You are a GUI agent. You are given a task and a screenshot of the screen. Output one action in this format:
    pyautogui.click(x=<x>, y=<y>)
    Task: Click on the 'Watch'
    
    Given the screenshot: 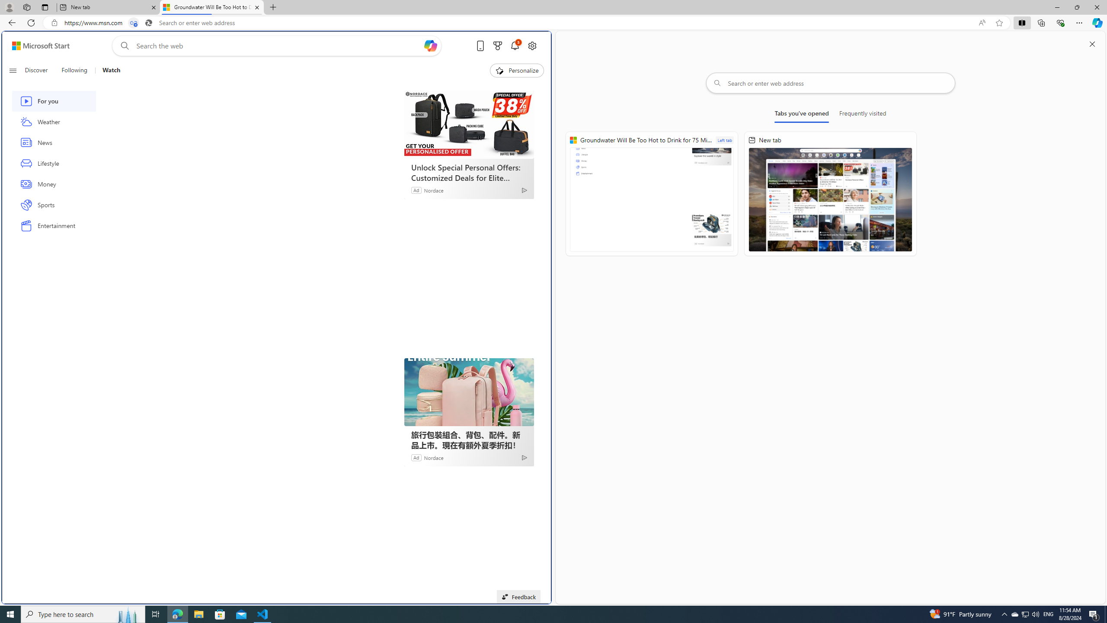 What is the action you would take?
    pyautogui.click(x=107, y=70)
    